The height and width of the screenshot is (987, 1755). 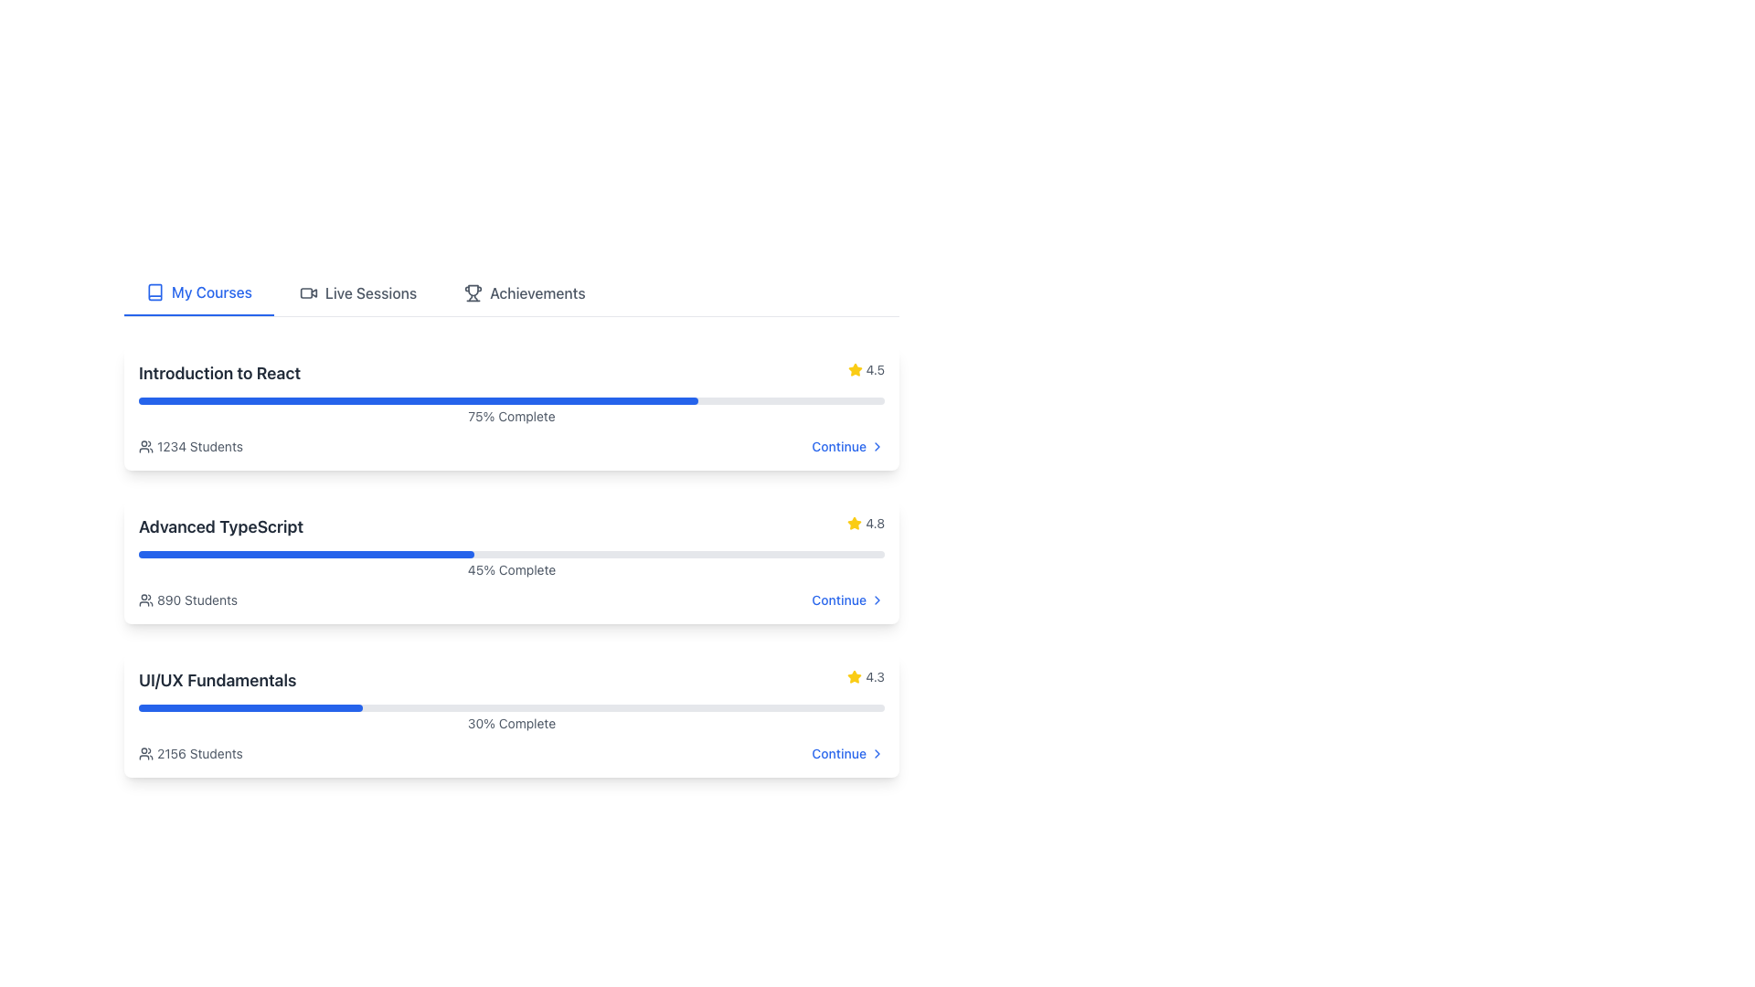 What do you see at coordinates (220, 527) in the screenshot?
I see `the course title label that serves as a heading, positioned at the beginning of the course items list` at bounding box center [220, 527].